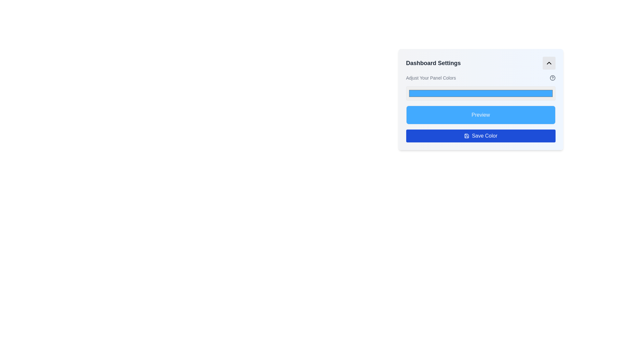 The width and height of the screenshot is (618, 348). I want to click on the help icon represented by an SVG circle in the upper right area of the Dashboard Settings interface, so click(552, 78).